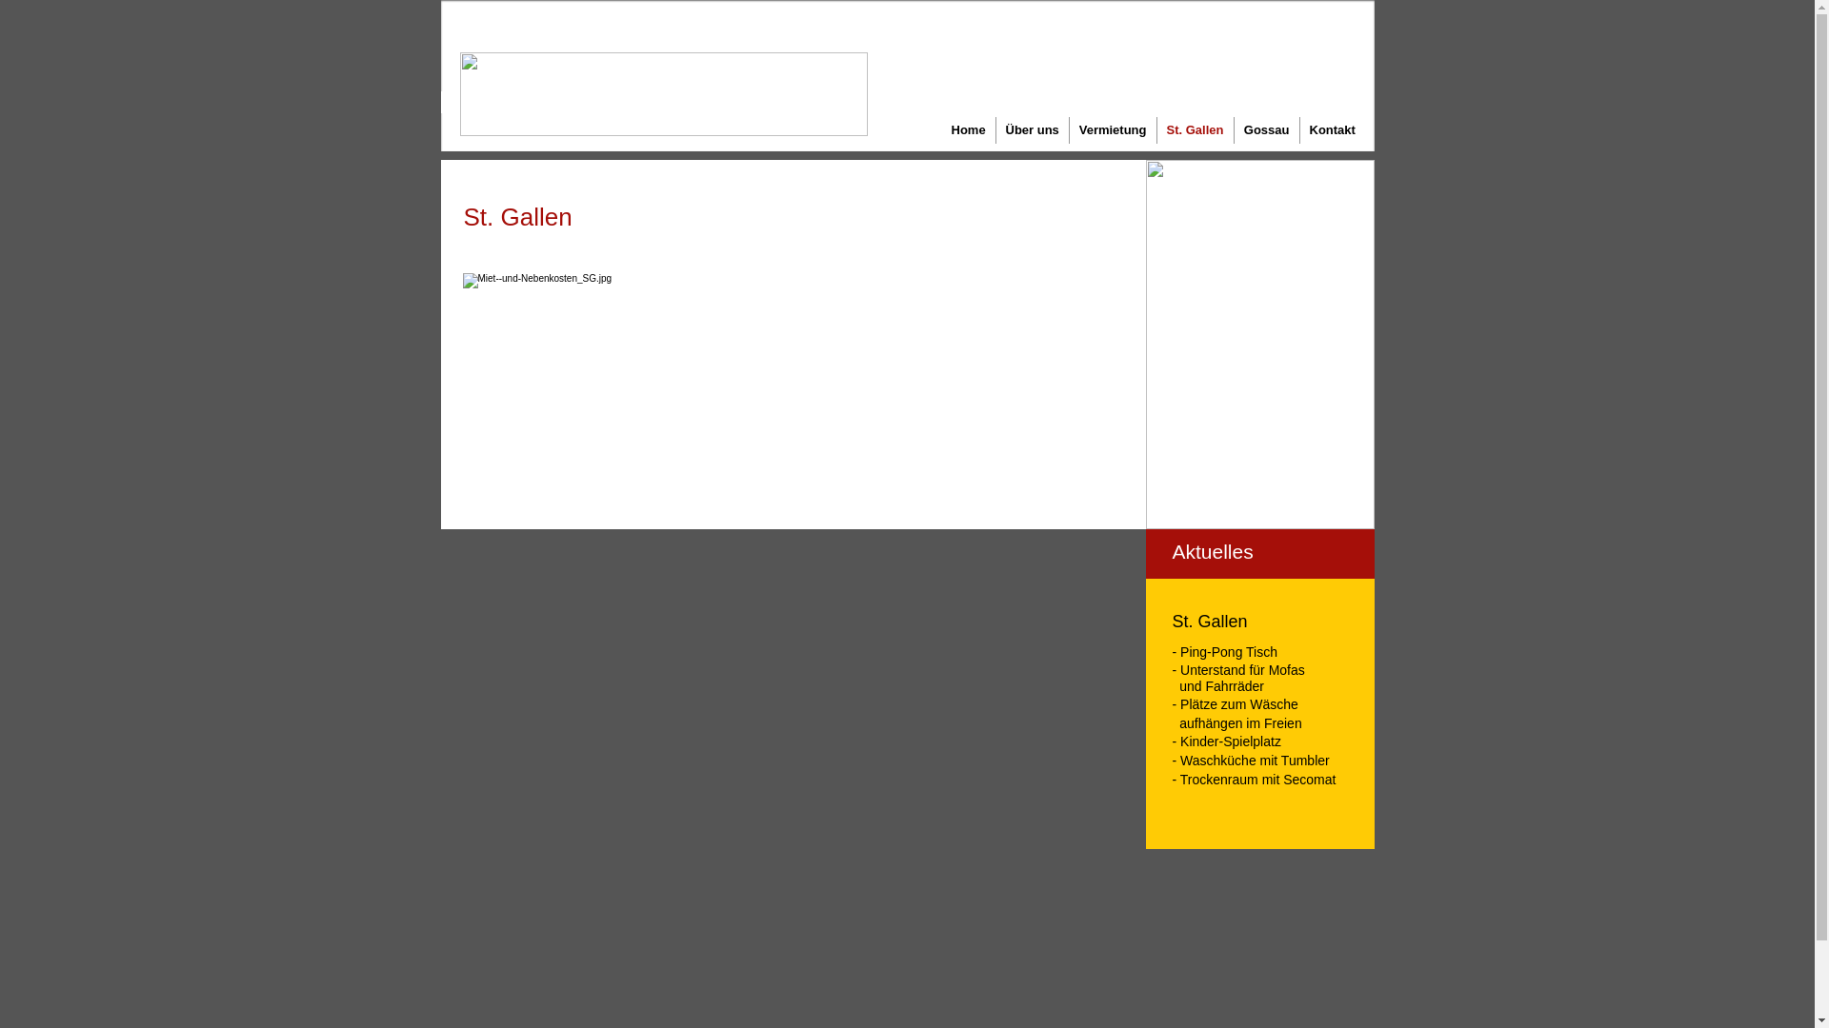  Describe the element at coordinates (663, 94) in the screenshot. I see `'LogoBGS_ZumStern.jpg'` at that location.